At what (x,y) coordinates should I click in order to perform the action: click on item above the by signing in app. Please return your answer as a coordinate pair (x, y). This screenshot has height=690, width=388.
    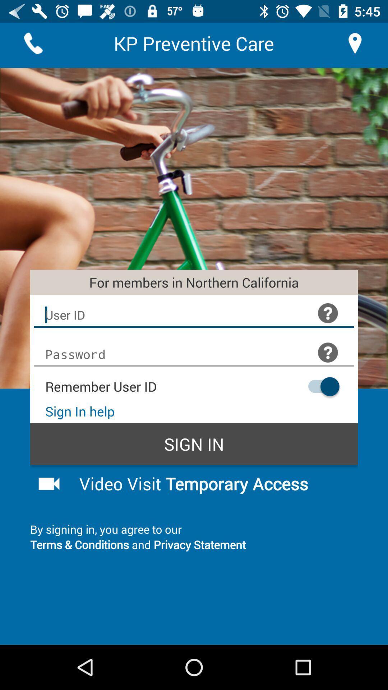
    Looking at the image, I should click on (212, 483).